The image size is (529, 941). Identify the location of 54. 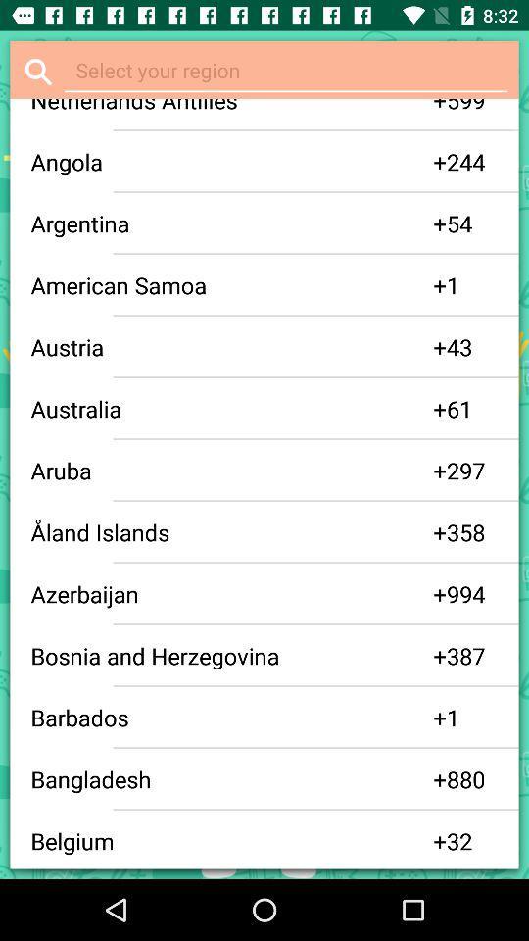
(471, 223).